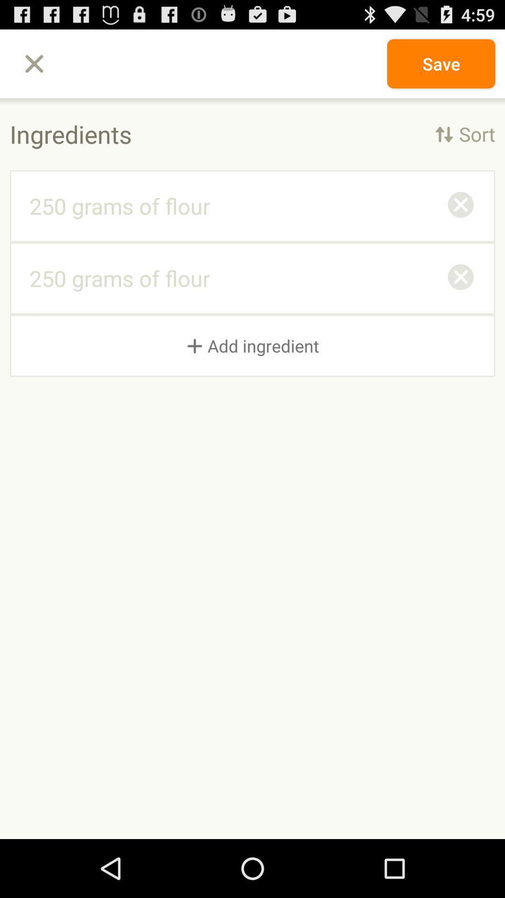 Image resolution: width=505 pixels, height=898 pixels. Describe the element at coordinates (460, 278) in the screenshot. I see `icon above + add ingredient item` at that location.